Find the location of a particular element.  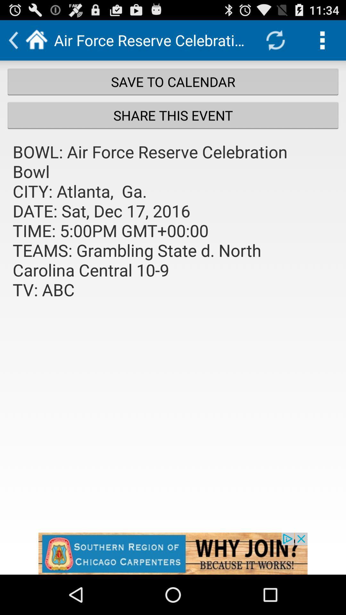

refresh is located at coordinates (275, 40).